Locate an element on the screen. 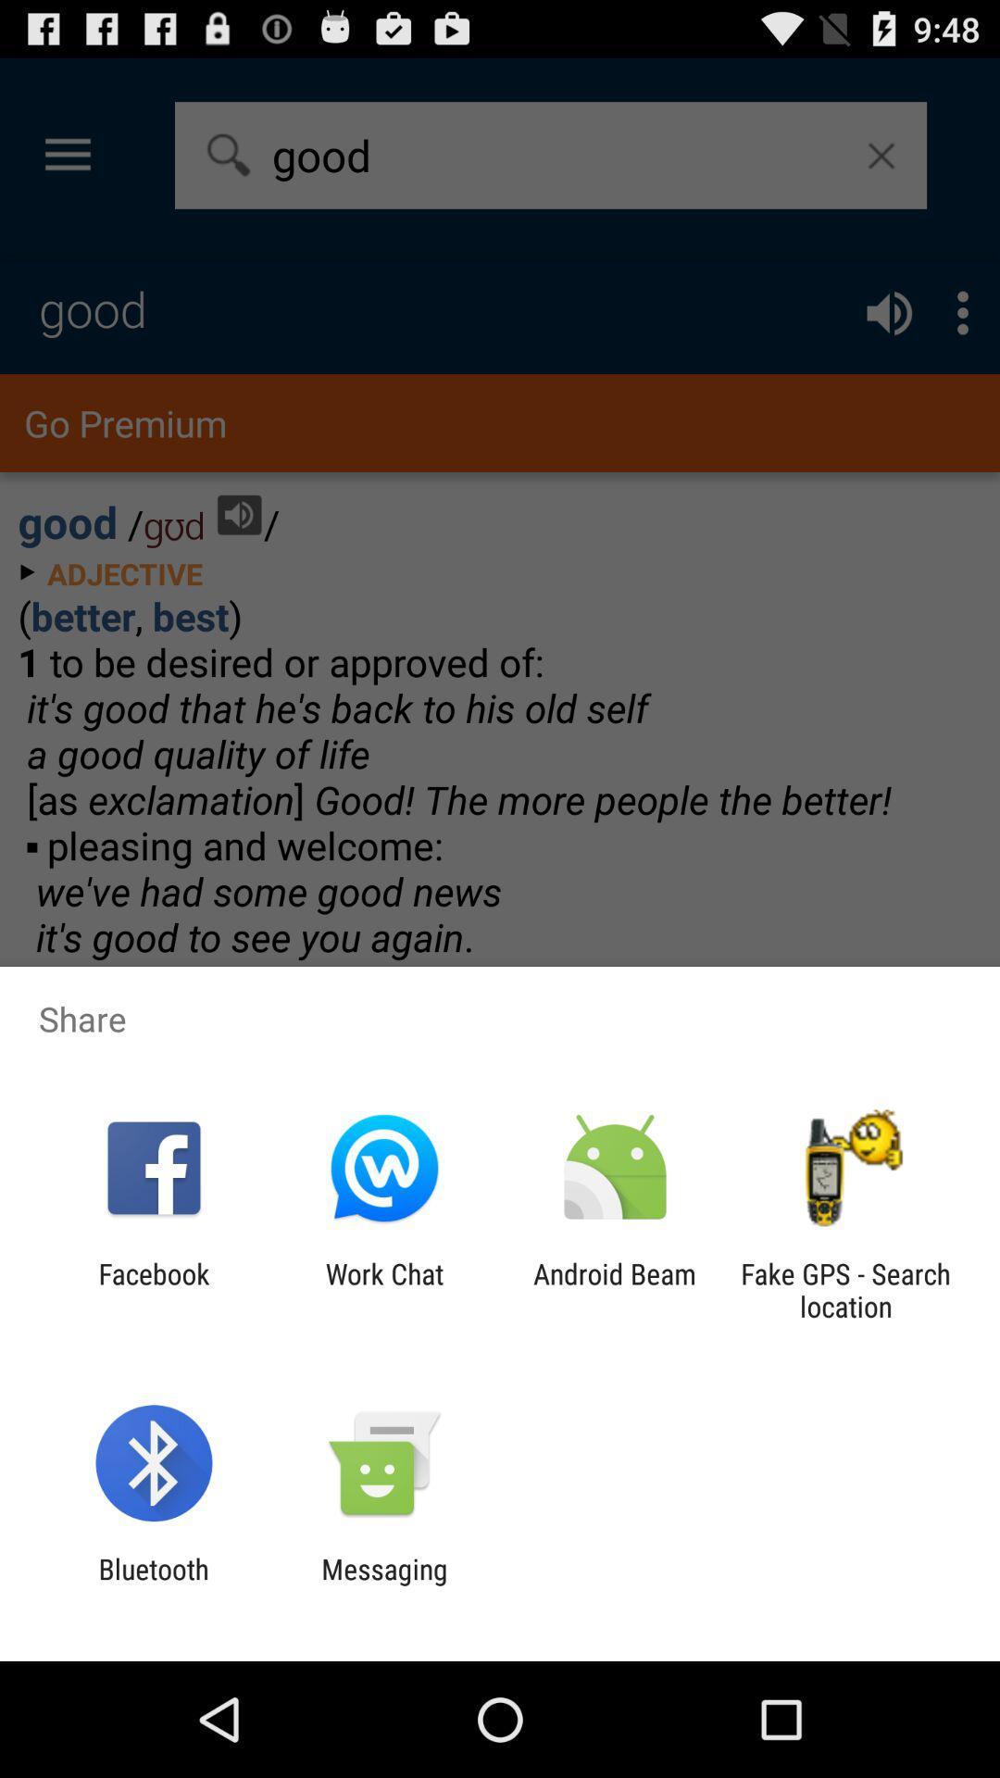 The height and width of the screenshot is (1778, 1000). the icon to the left of messaging item is located at coordinates (153, 1584).